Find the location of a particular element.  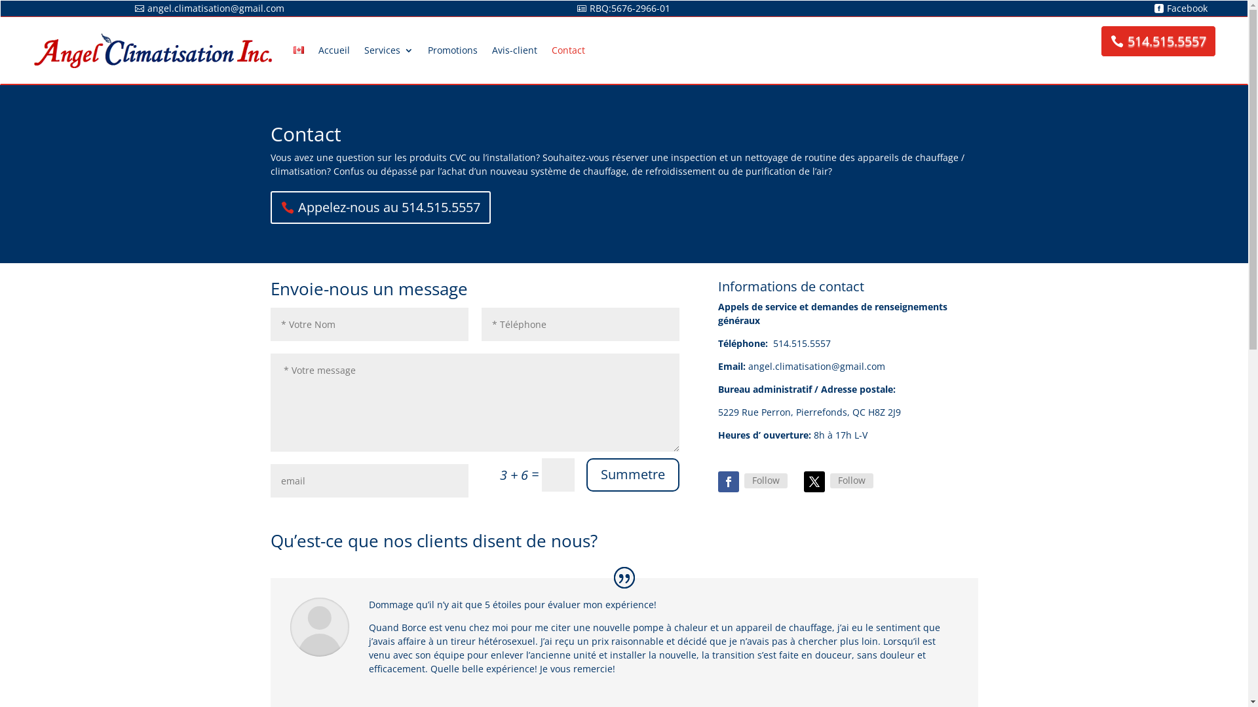

'Avis-client' is located at coordinates (491, 50).